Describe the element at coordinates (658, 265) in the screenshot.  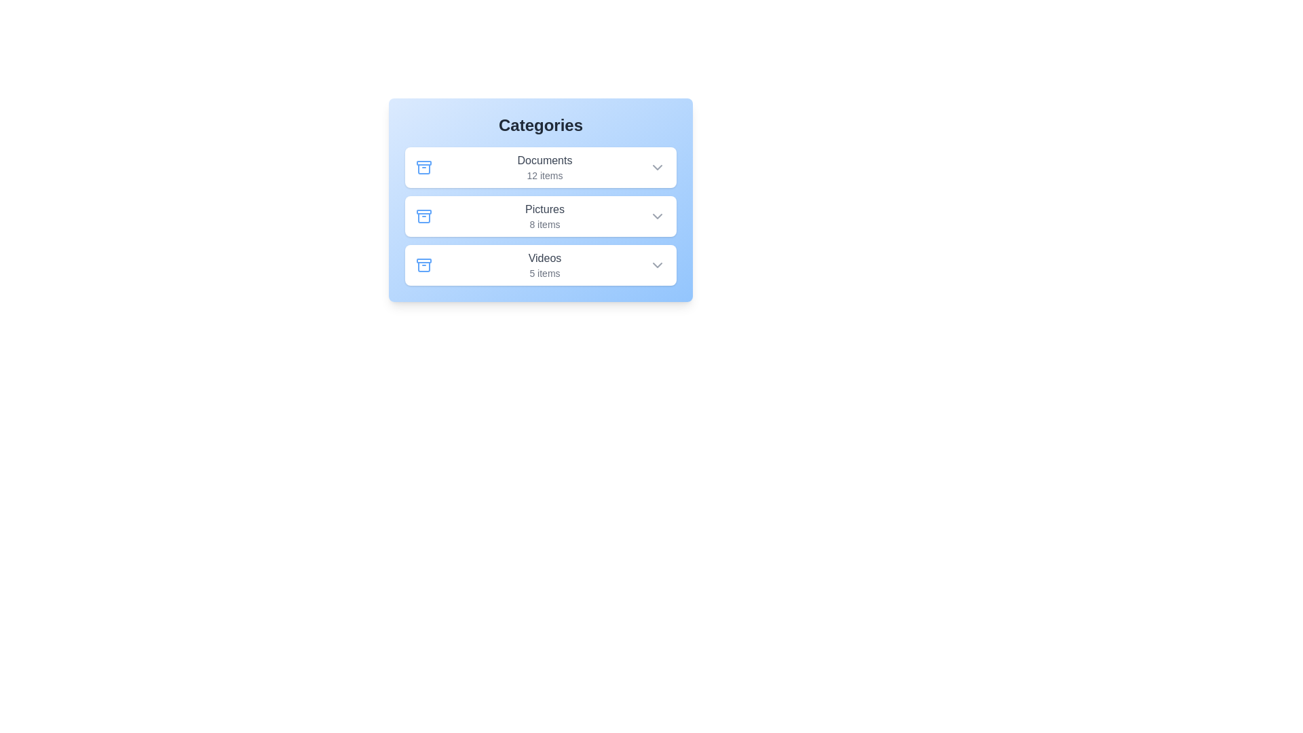
I see `the dropdown icon of the Videos item` at that location.